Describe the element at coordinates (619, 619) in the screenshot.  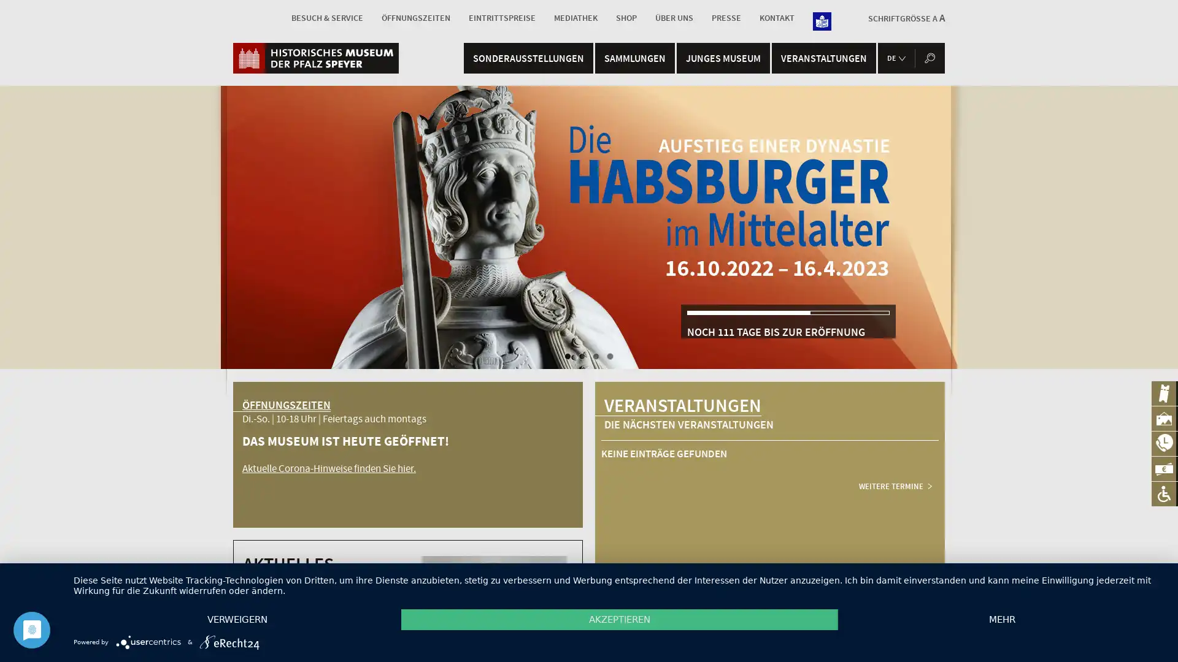
I see `AKZEPTIEREN` at that location.